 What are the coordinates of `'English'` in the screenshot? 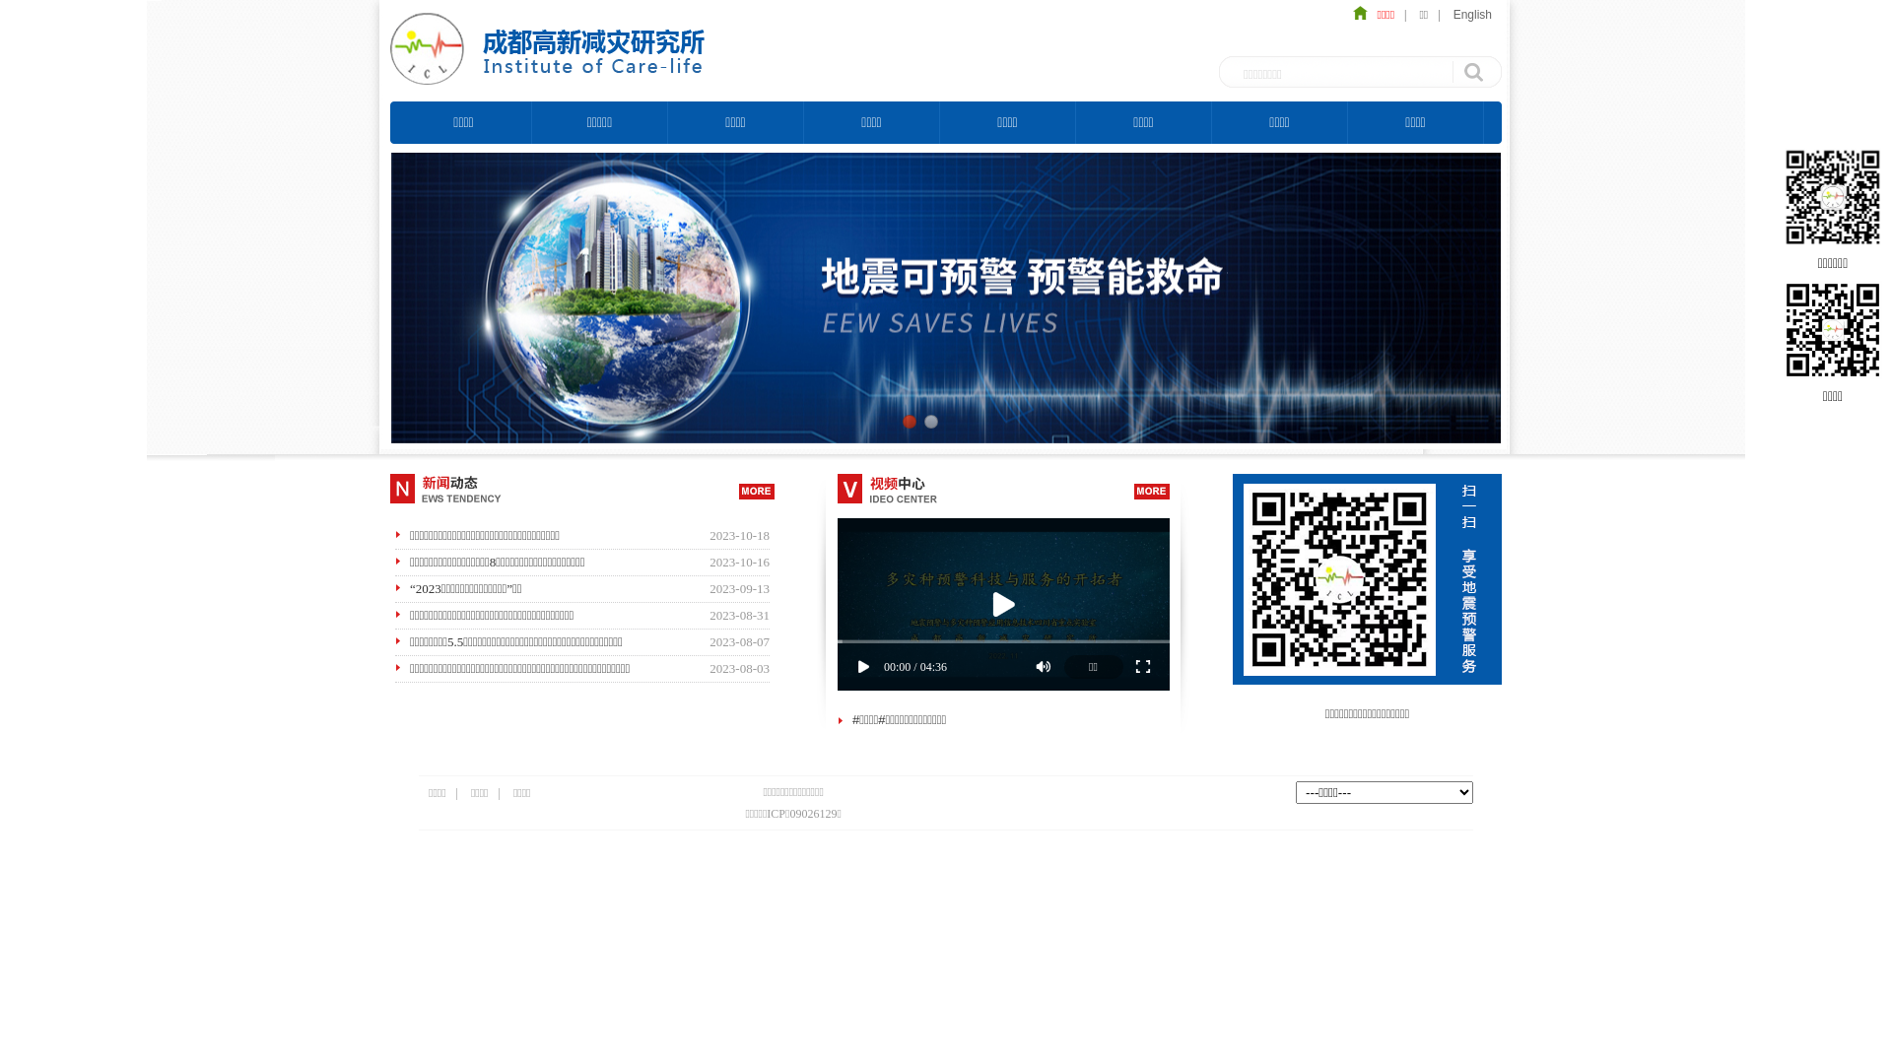 It's located at (1472, 15).